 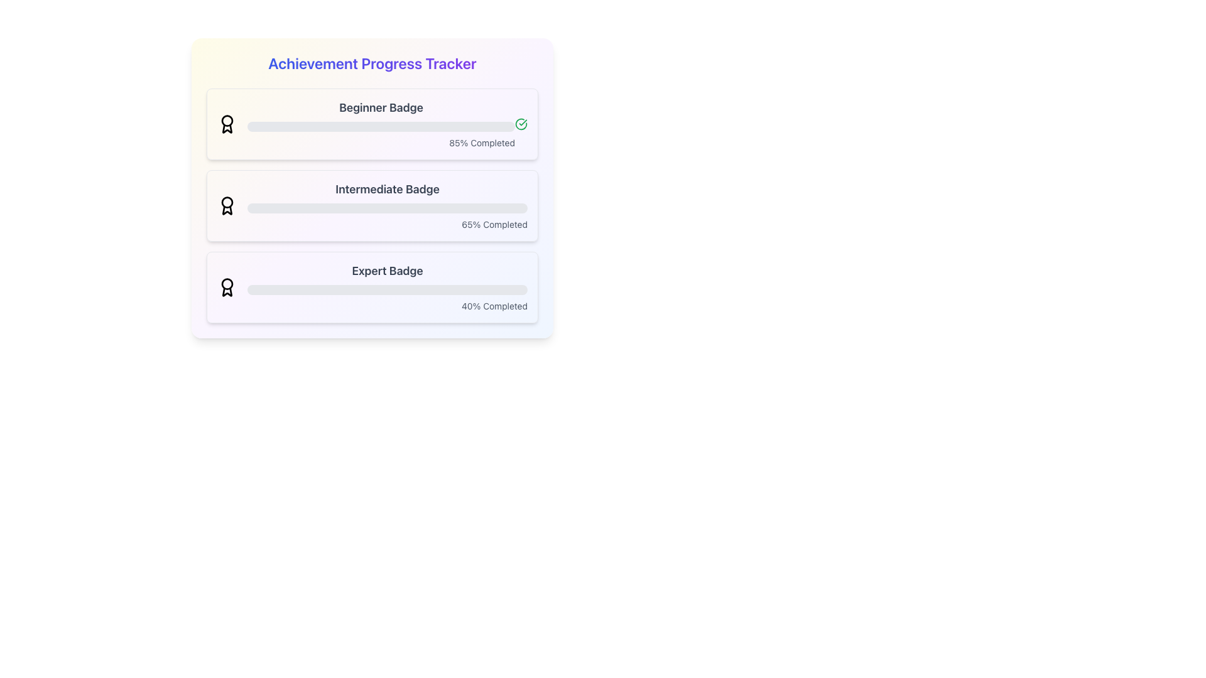 What do you see at coordinates (521, 124) in the screenshot?
I see `the circular icon with a green outline and checkmark inside, located in the top-right corner of the 'Beginner Badge' card` at bounding box center [521, 124].